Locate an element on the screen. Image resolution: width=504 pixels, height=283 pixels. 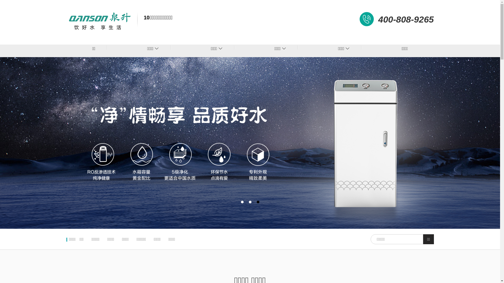
'400-808-9265' is located at coordinates (406, 19).